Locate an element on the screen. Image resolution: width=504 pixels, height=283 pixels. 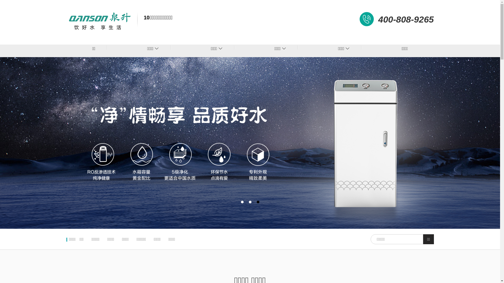
'400-808-9265' is located at coordinates (406, 19).